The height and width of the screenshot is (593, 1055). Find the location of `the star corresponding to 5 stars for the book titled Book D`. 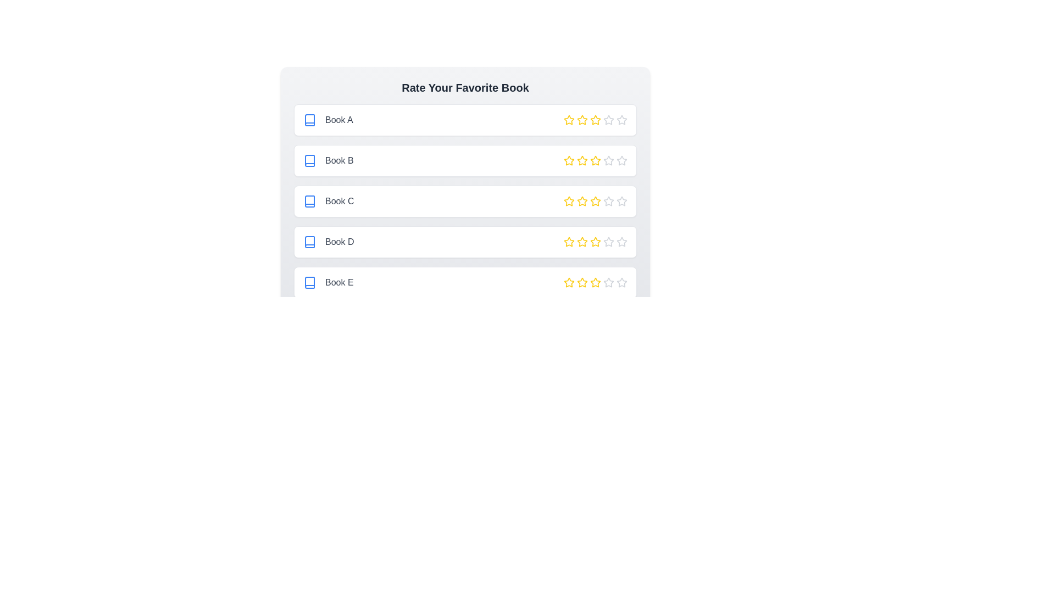

the star corresponding to 5 stars for the book titled Book D is located at coordinates (622, 241).